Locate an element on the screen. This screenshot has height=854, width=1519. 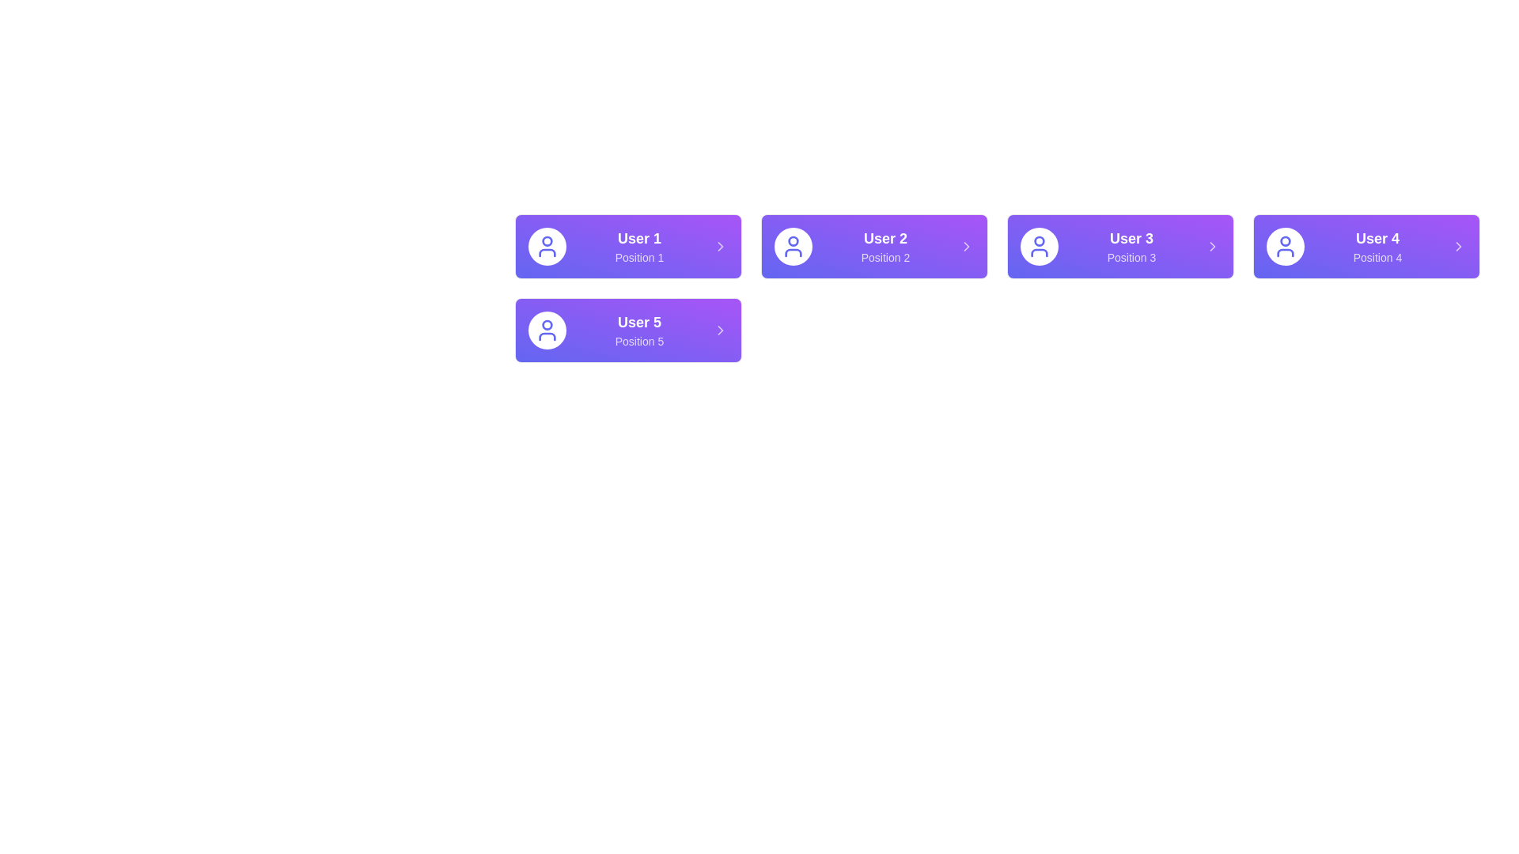
the text label displaying 'User 4', which is styled with a bold font and located within a purple rectangle in the top-right section of the interface is located at coordinates (1377, 238).